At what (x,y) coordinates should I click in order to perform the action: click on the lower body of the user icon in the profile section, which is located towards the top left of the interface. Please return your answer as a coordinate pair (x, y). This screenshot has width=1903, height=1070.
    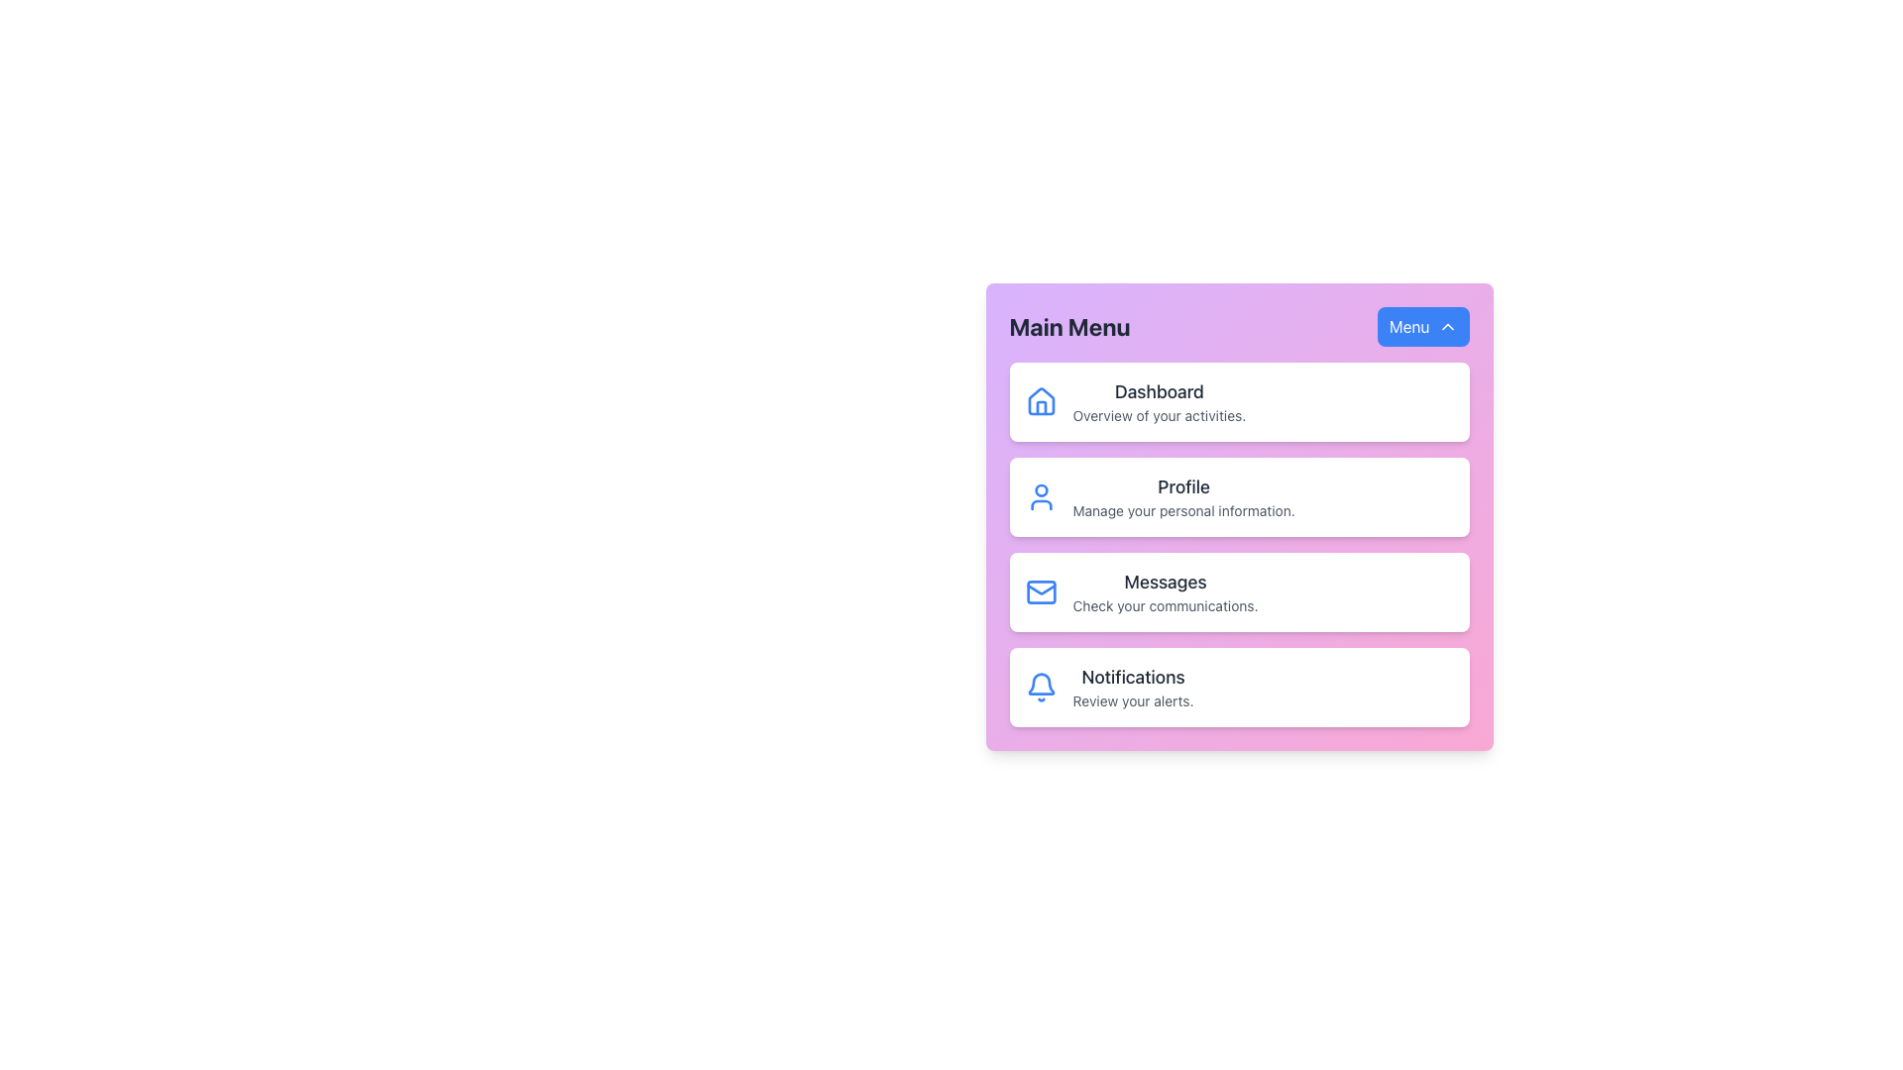
    Looking at the image, I should click on (1040, 503).